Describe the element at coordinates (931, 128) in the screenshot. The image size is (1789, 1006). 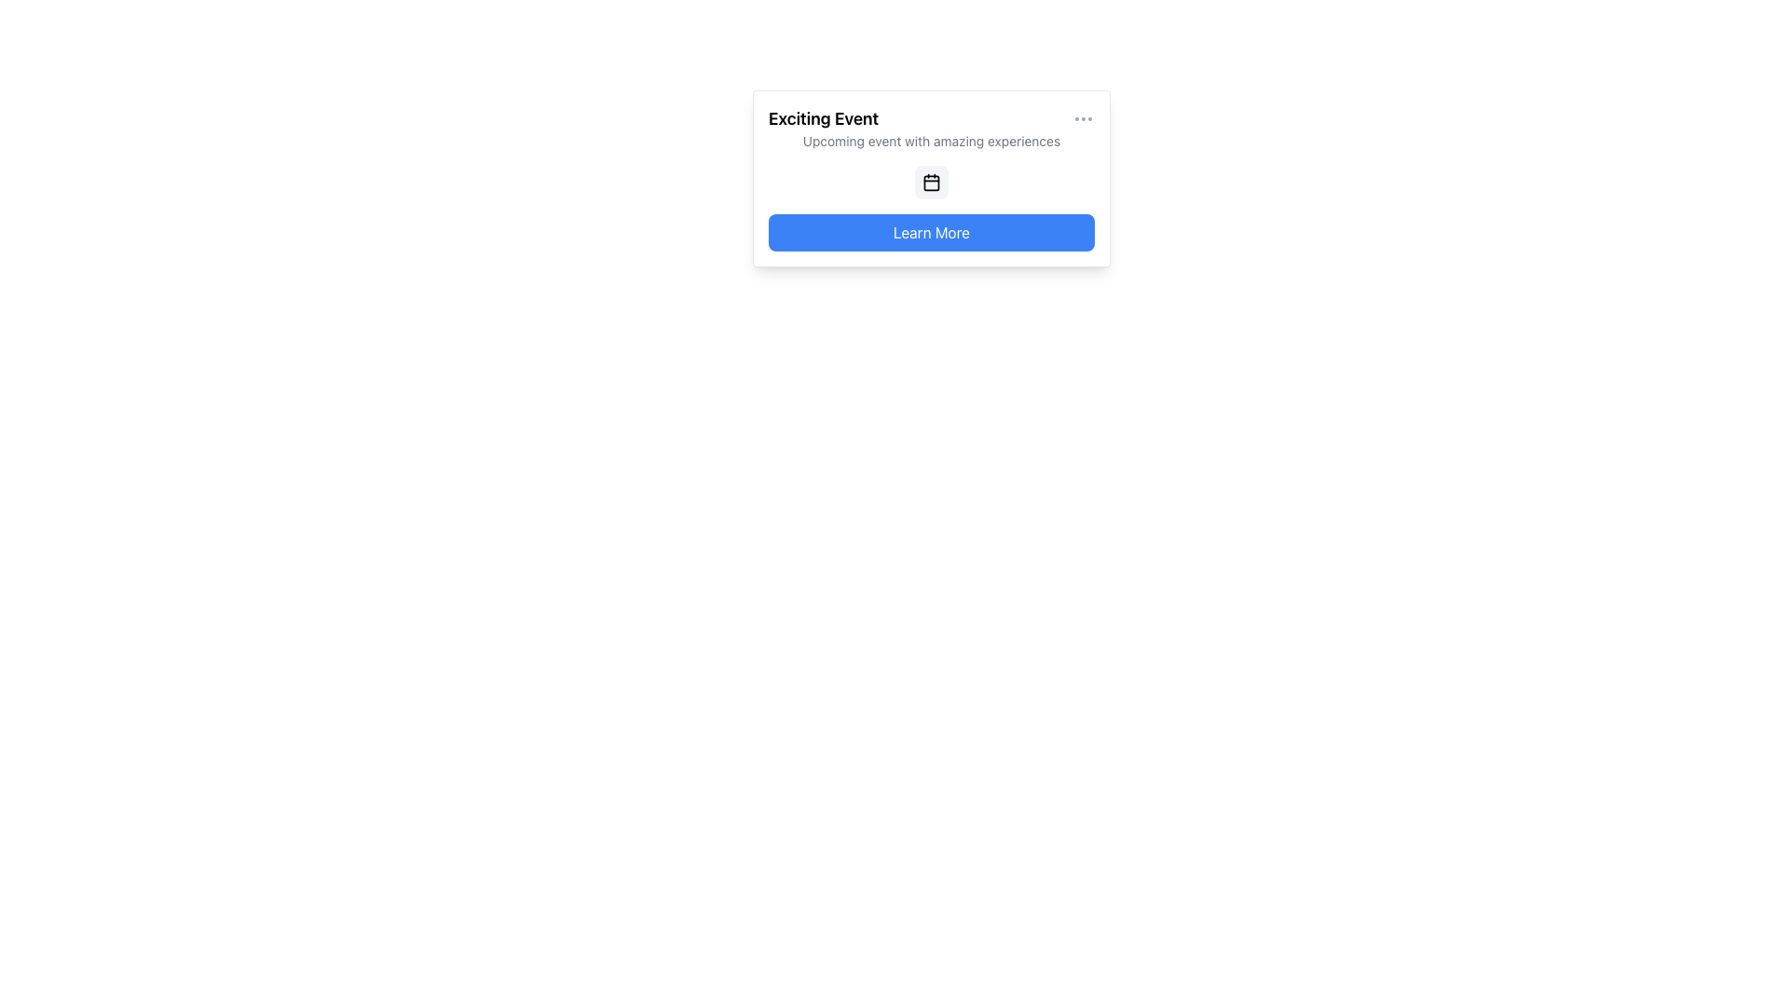
I see `the Text Display element that contains the header 'Exciting Event' and the subtitle 'Upcoming event with amazing experiences'` at that location.